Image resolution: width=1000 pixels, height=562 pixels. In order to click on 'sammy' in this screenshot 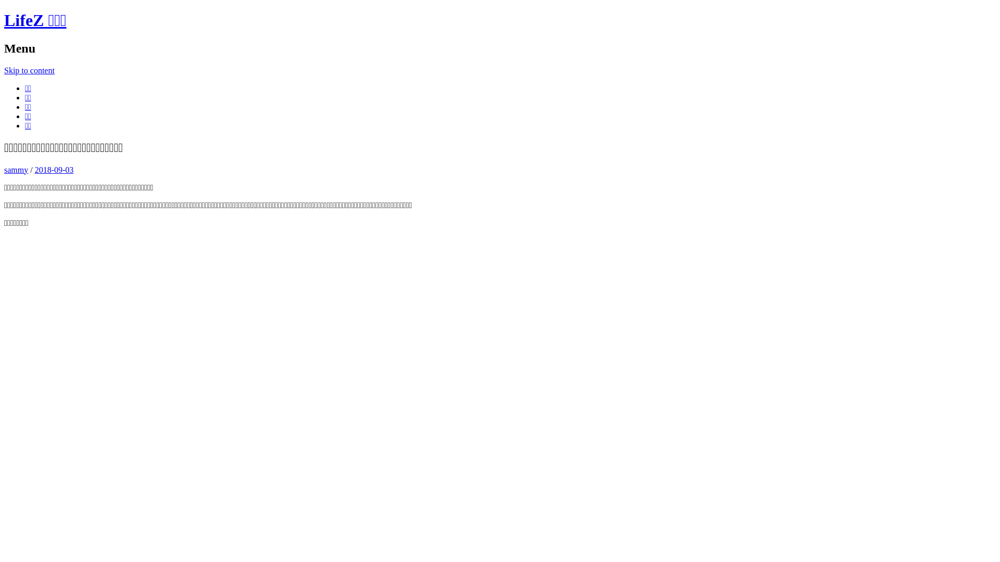, I will do `click(16, 169)`.